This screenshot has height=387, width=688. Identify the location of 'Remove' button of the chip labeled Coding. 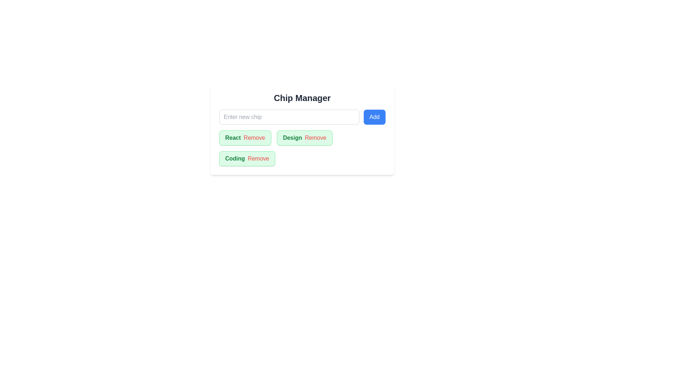
(258, 158).